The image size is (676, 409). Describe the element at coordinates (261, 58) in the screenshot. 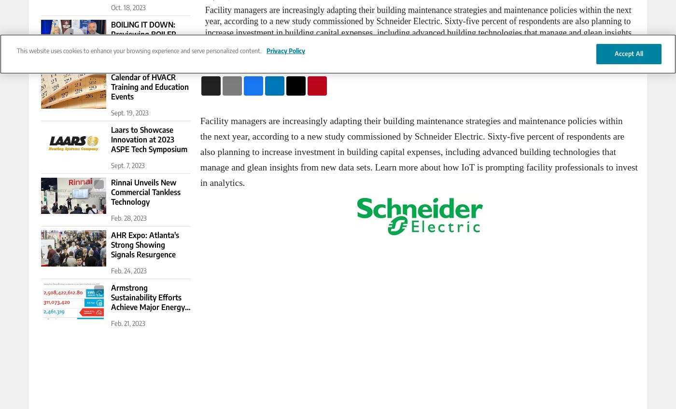

I see `'Content Sponsored Schneider Electric'` at that location.